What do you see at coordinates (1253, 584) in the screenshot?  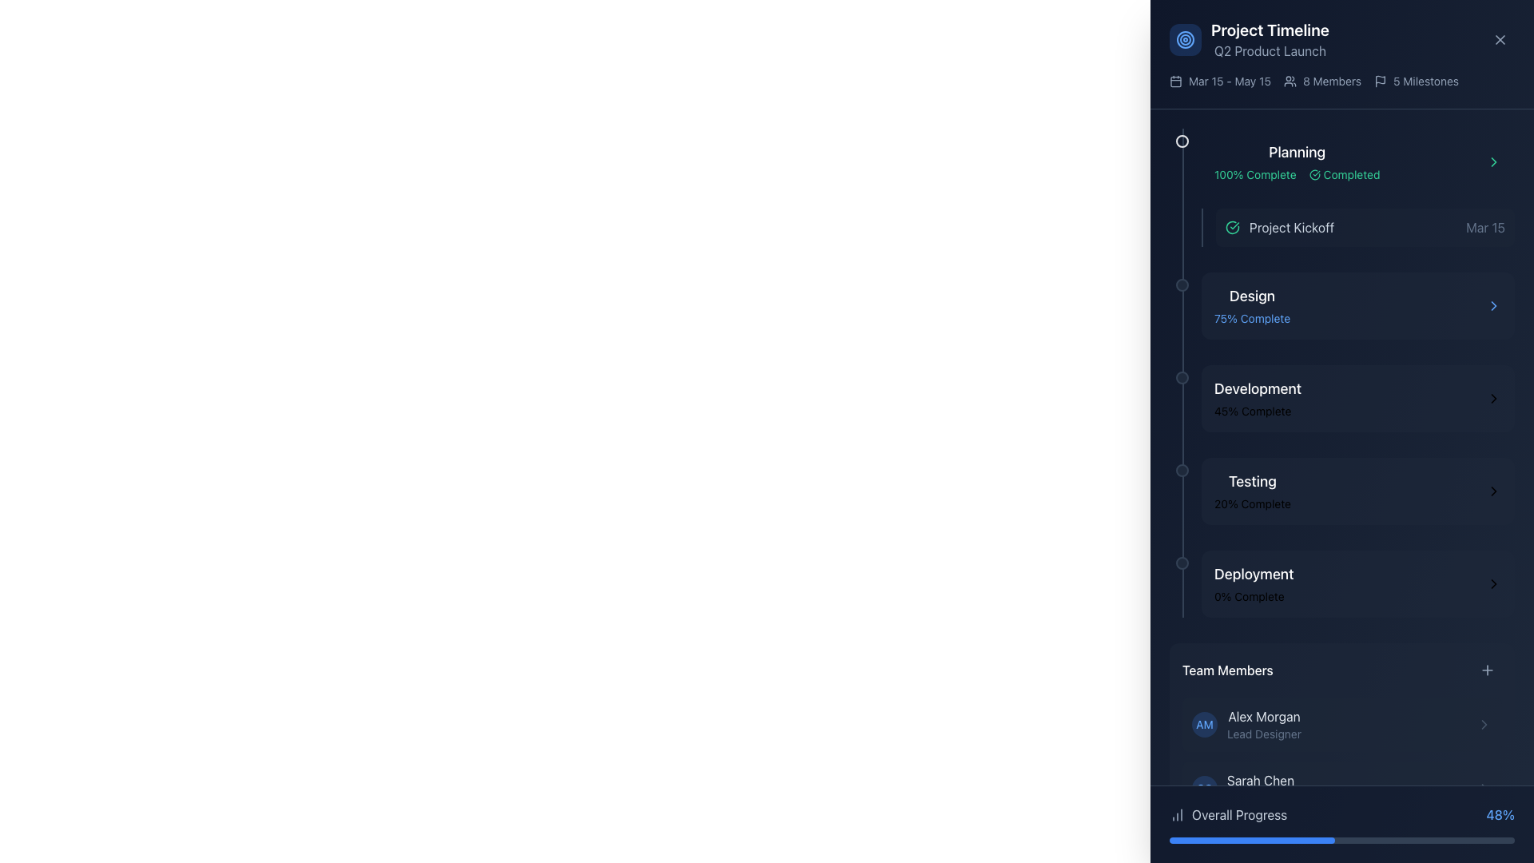 I see `the Text Label that indicates the progress of the 'Deployment' phase in the project timeline` at bounding box center [1253, 584].